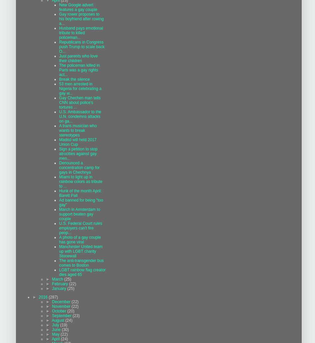  Describe the element at coordinates (59, 311) in the screenshot. I see `'October'` at that location.